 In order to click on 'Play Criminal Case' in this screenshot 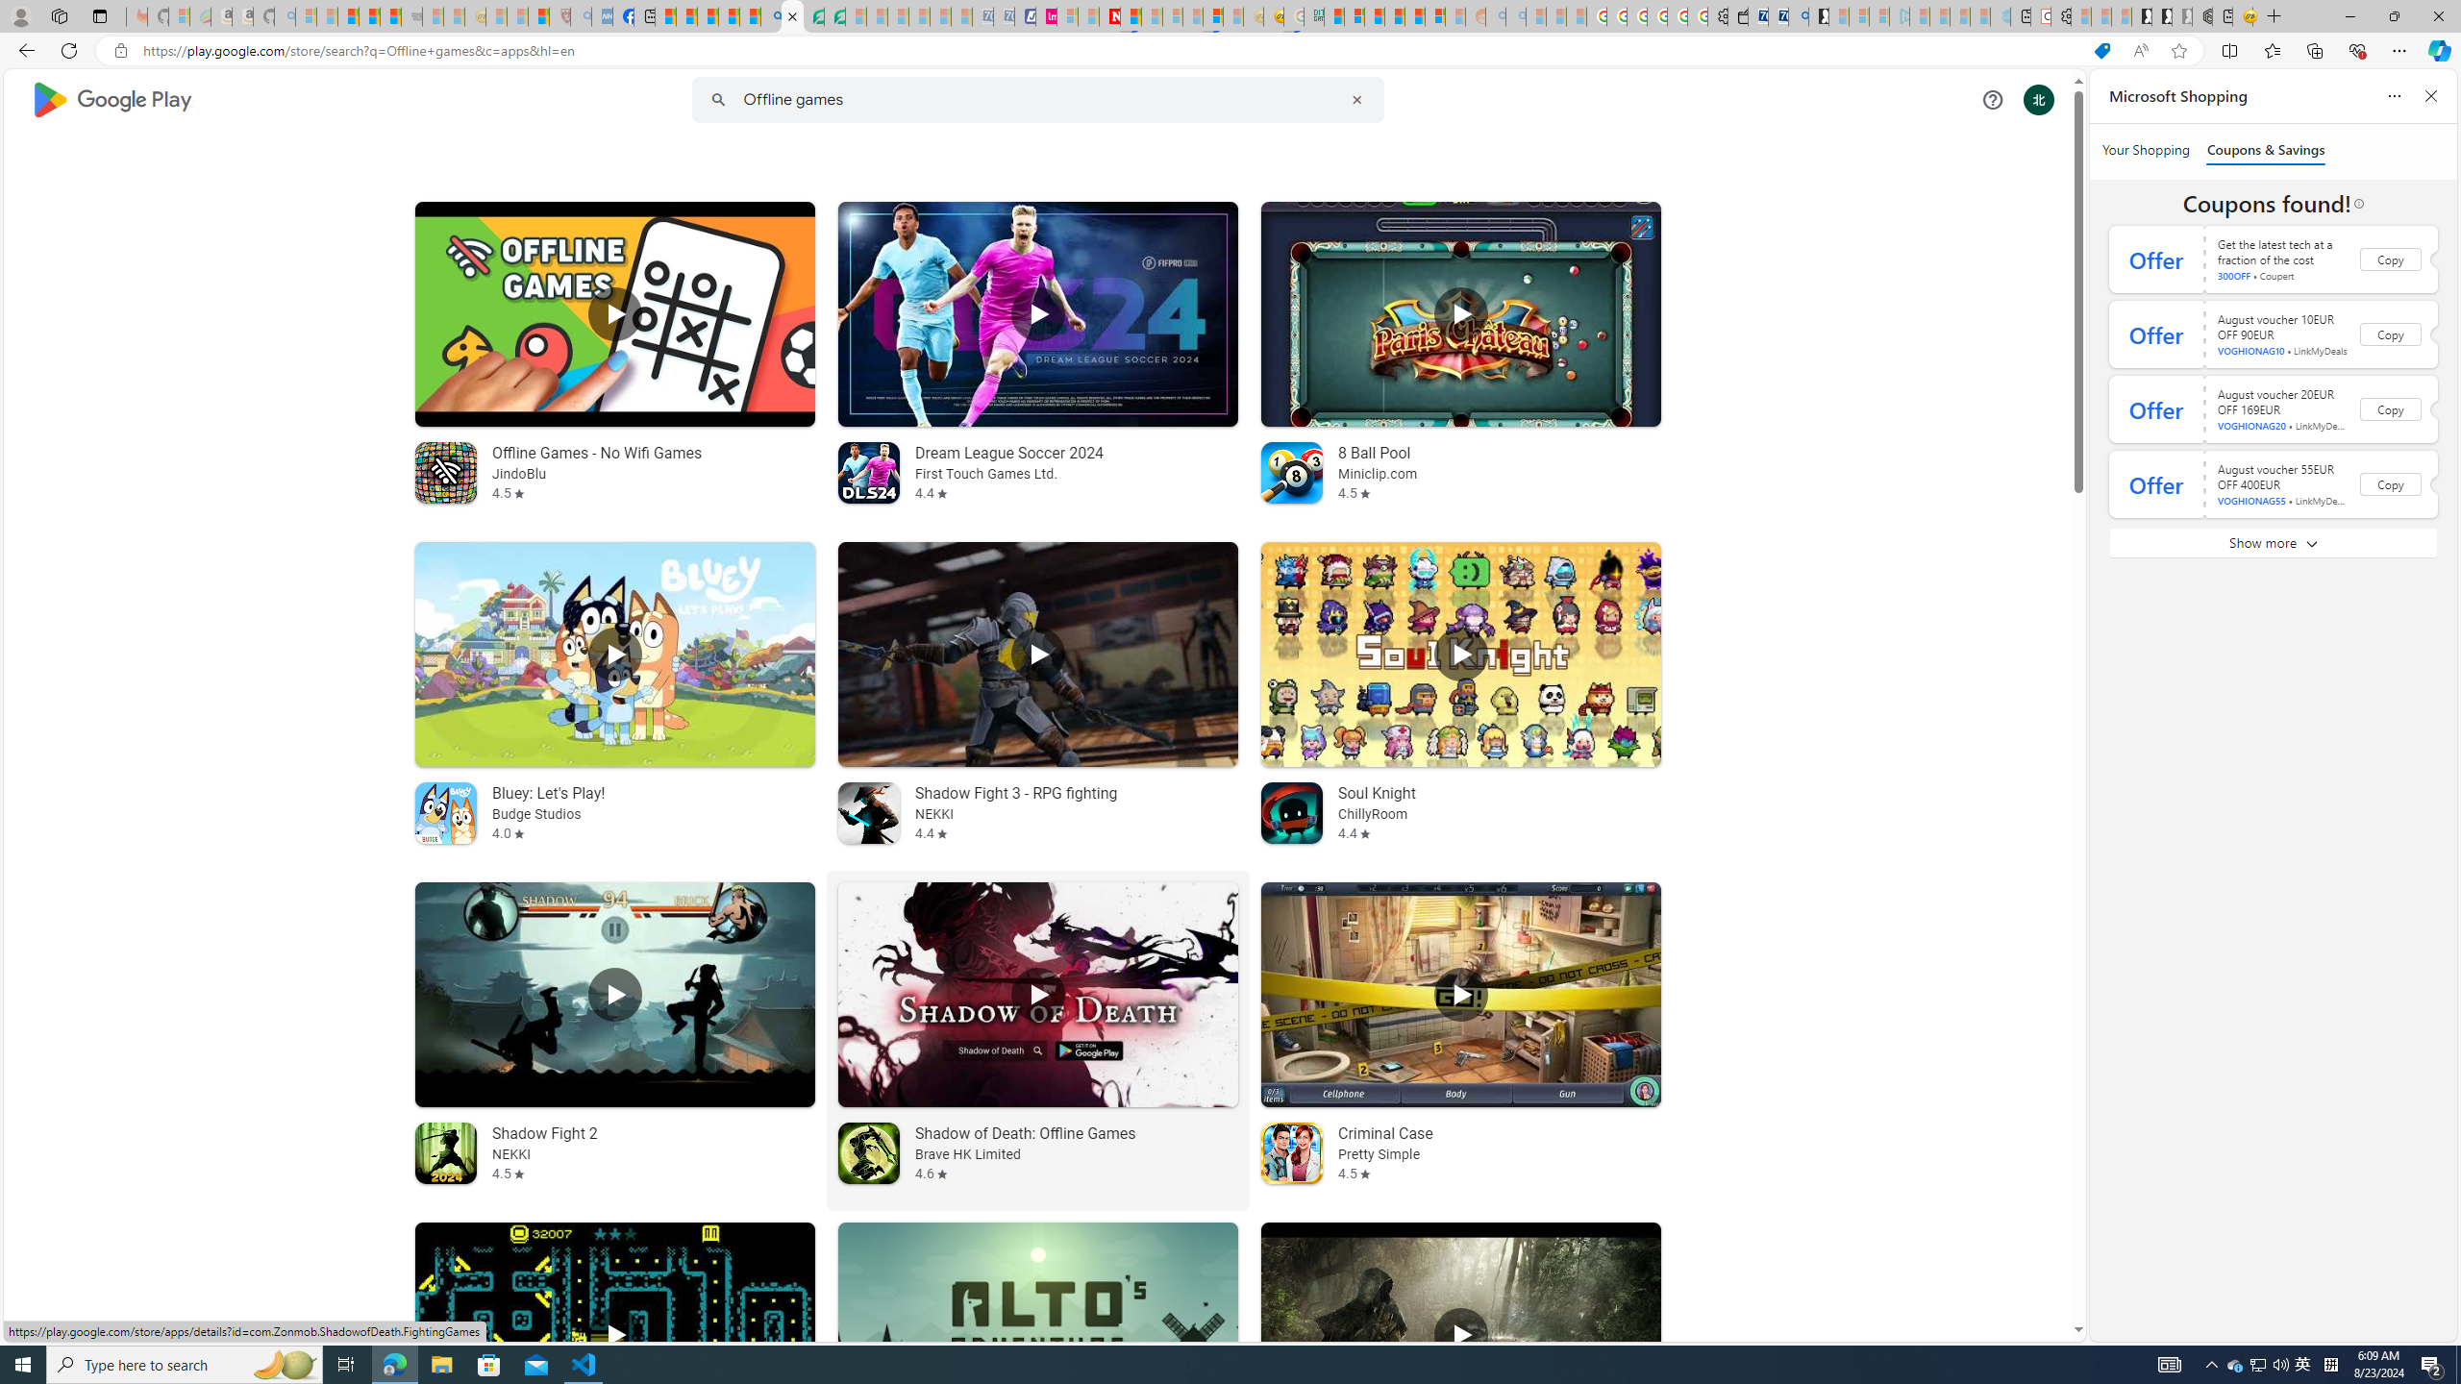, I will do `click(1460, 994)`.